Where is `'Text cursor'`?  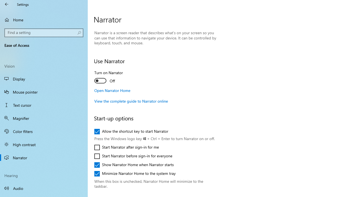 'Text cursor' is located at coordinates (44, 105).